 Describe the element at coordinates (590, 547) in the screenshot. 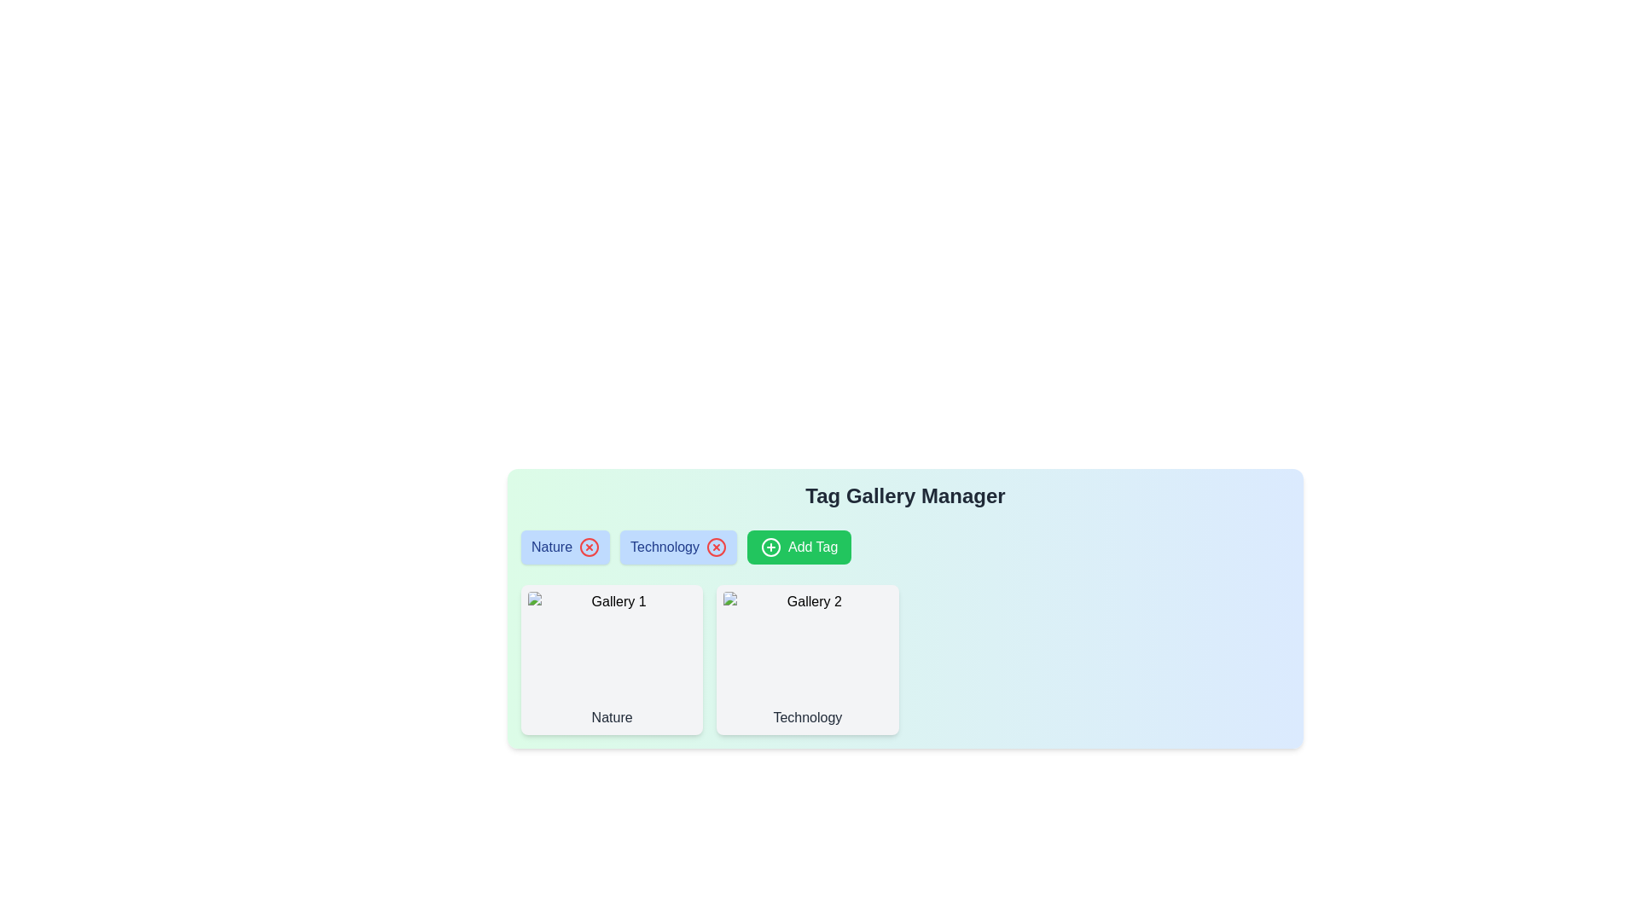

I see `the red circular button with an 'X' icon` at that location.